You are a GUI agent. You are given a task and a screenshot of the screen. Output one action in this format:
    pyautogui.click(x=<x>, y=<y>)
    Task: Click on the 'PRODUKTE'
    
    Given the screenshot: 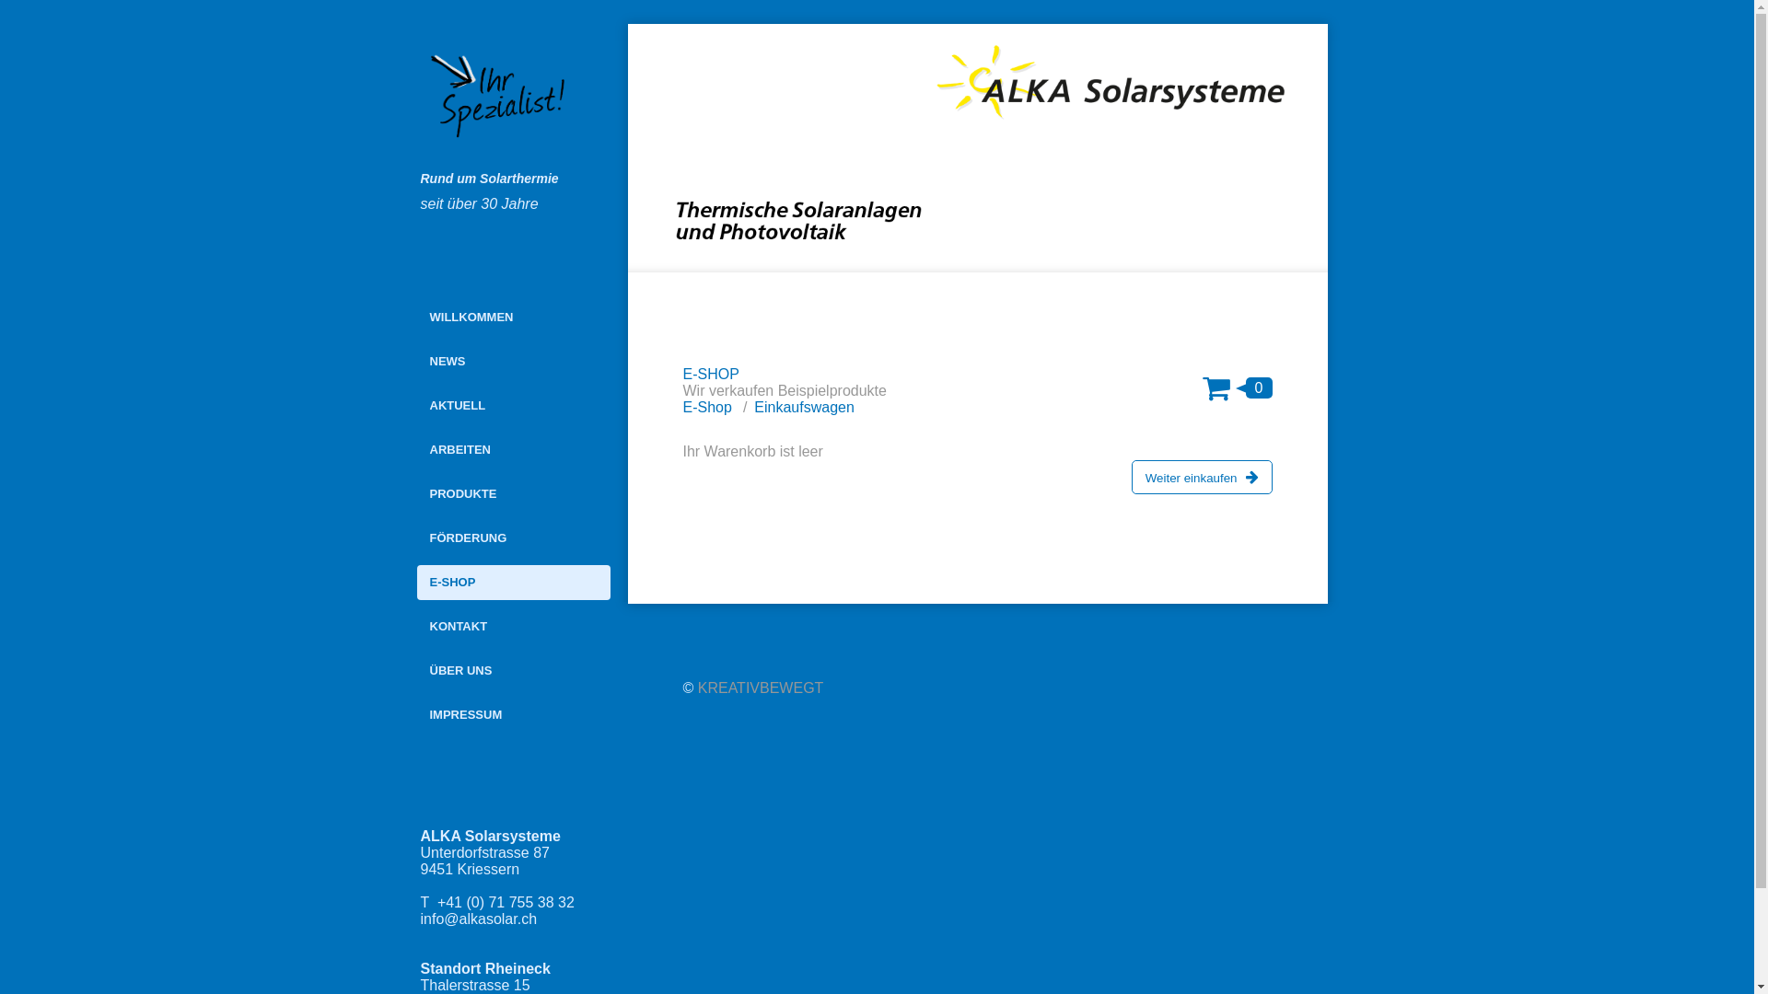 What is the action you would take?
    pyautogui.click(x=414, y=492)
    